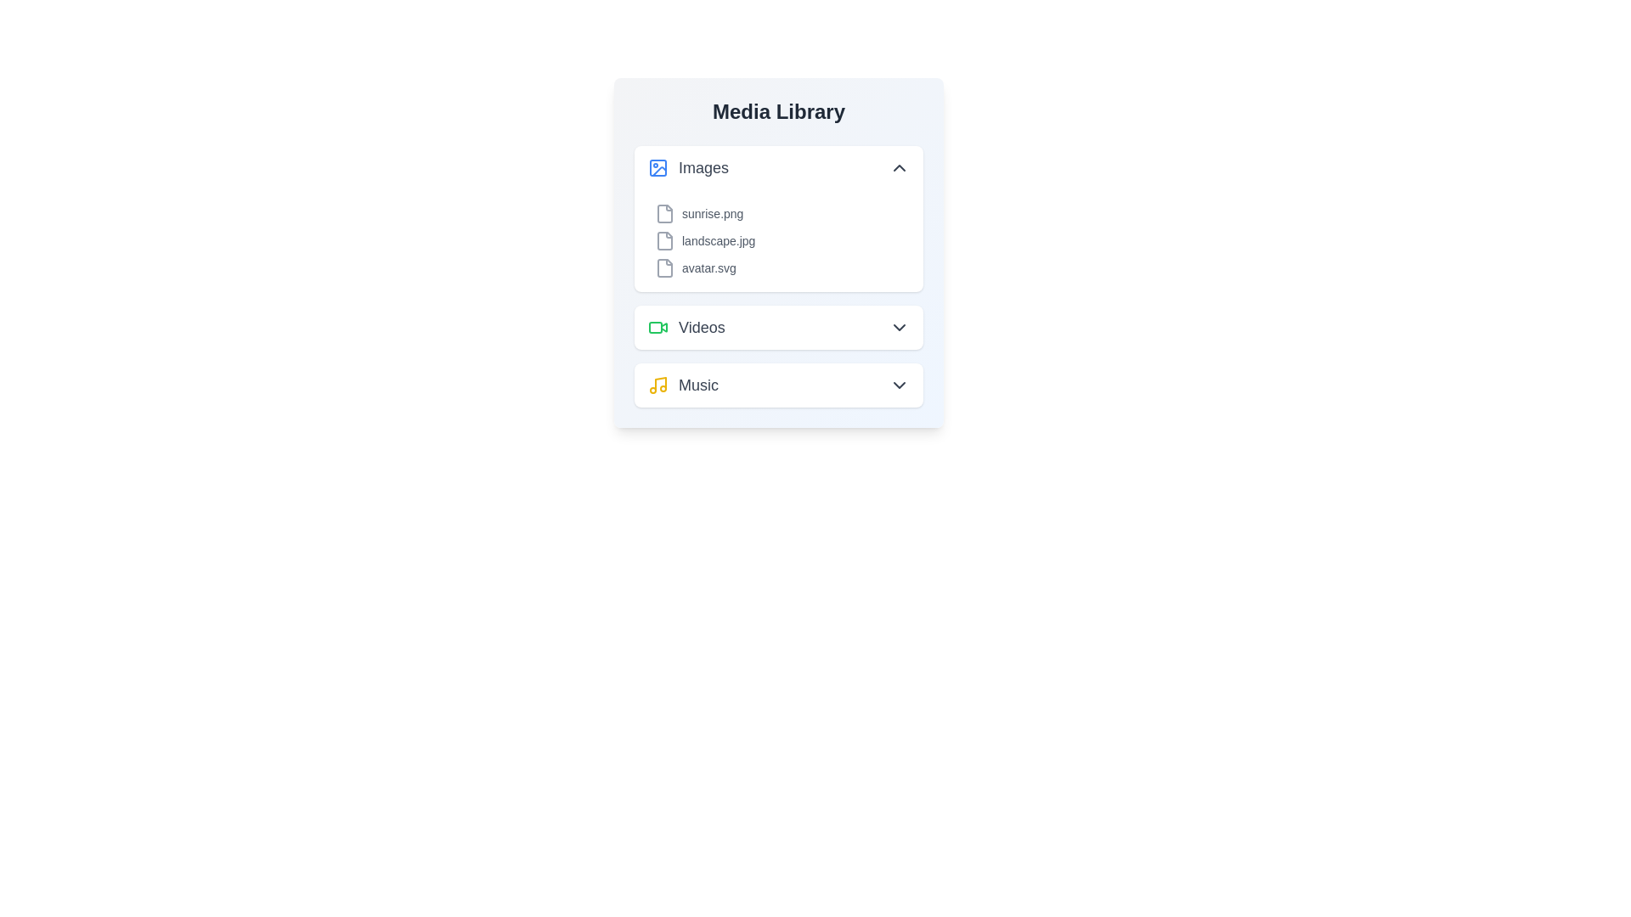 The image size is (1631, 917). What do you see at coordinates (777, 212) in the screenshot?
I see `the File list entry labeled 'sunrise.png' in the Media Library, which is the first item under the 'Images' section` at bounding box center [777, 212].